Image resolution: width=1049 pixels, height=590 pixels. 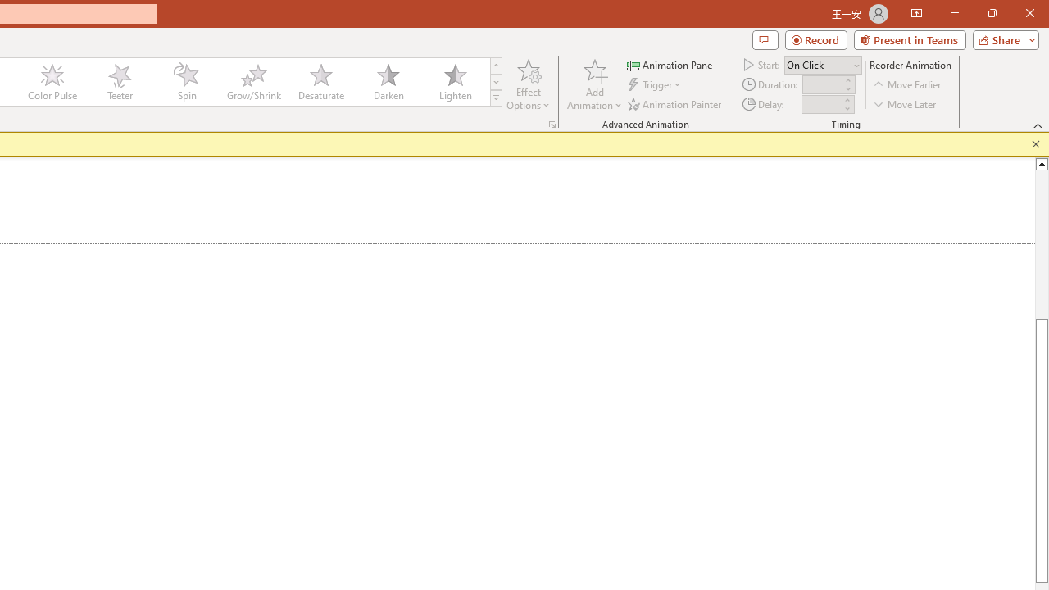 I want to click on 'Move Earlier', so click(x=906, y=84).